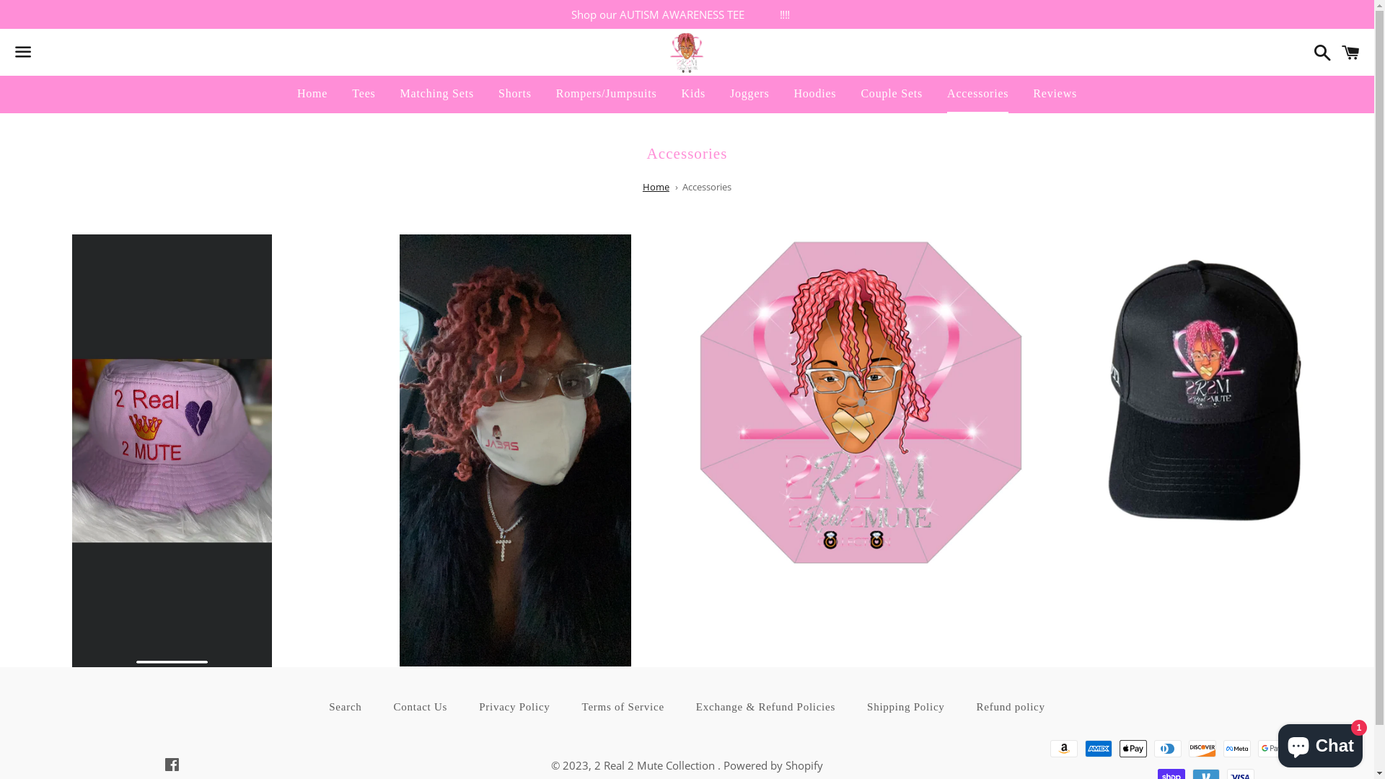 This screenshot has height=779, width=1385. I want to click on '2 Real 2 Mute Collection', so click(594, 764).